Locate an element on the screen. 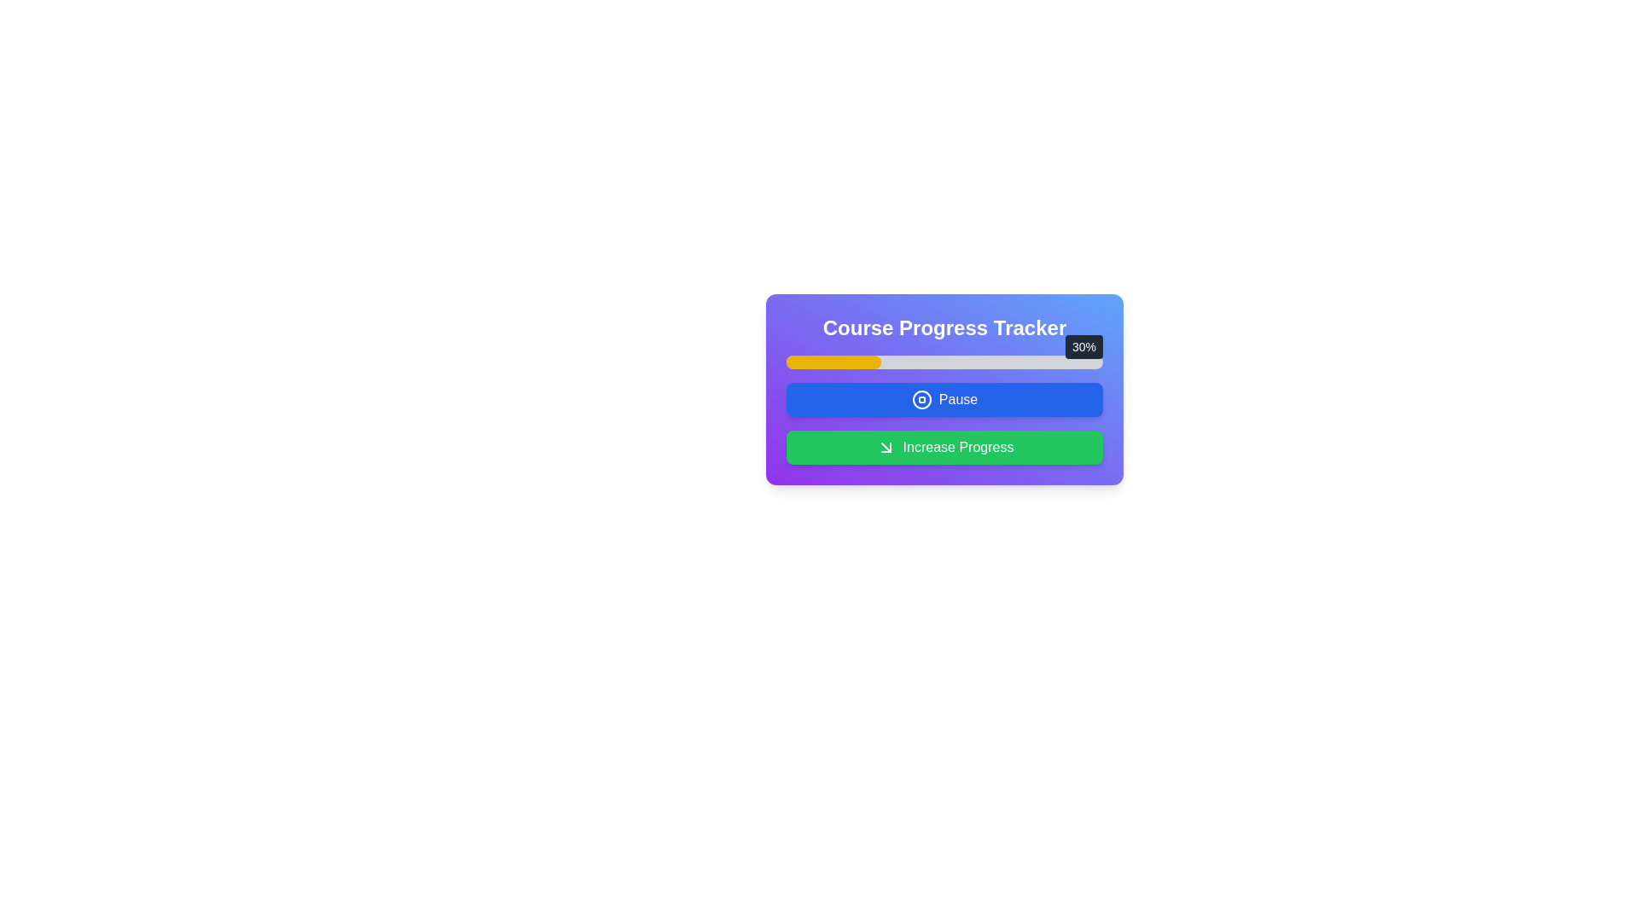  the progress bar indicating course completion status, which shows '30%' and is located below the 'Course Progress Tracker' header is located at coordinates (944, 361).